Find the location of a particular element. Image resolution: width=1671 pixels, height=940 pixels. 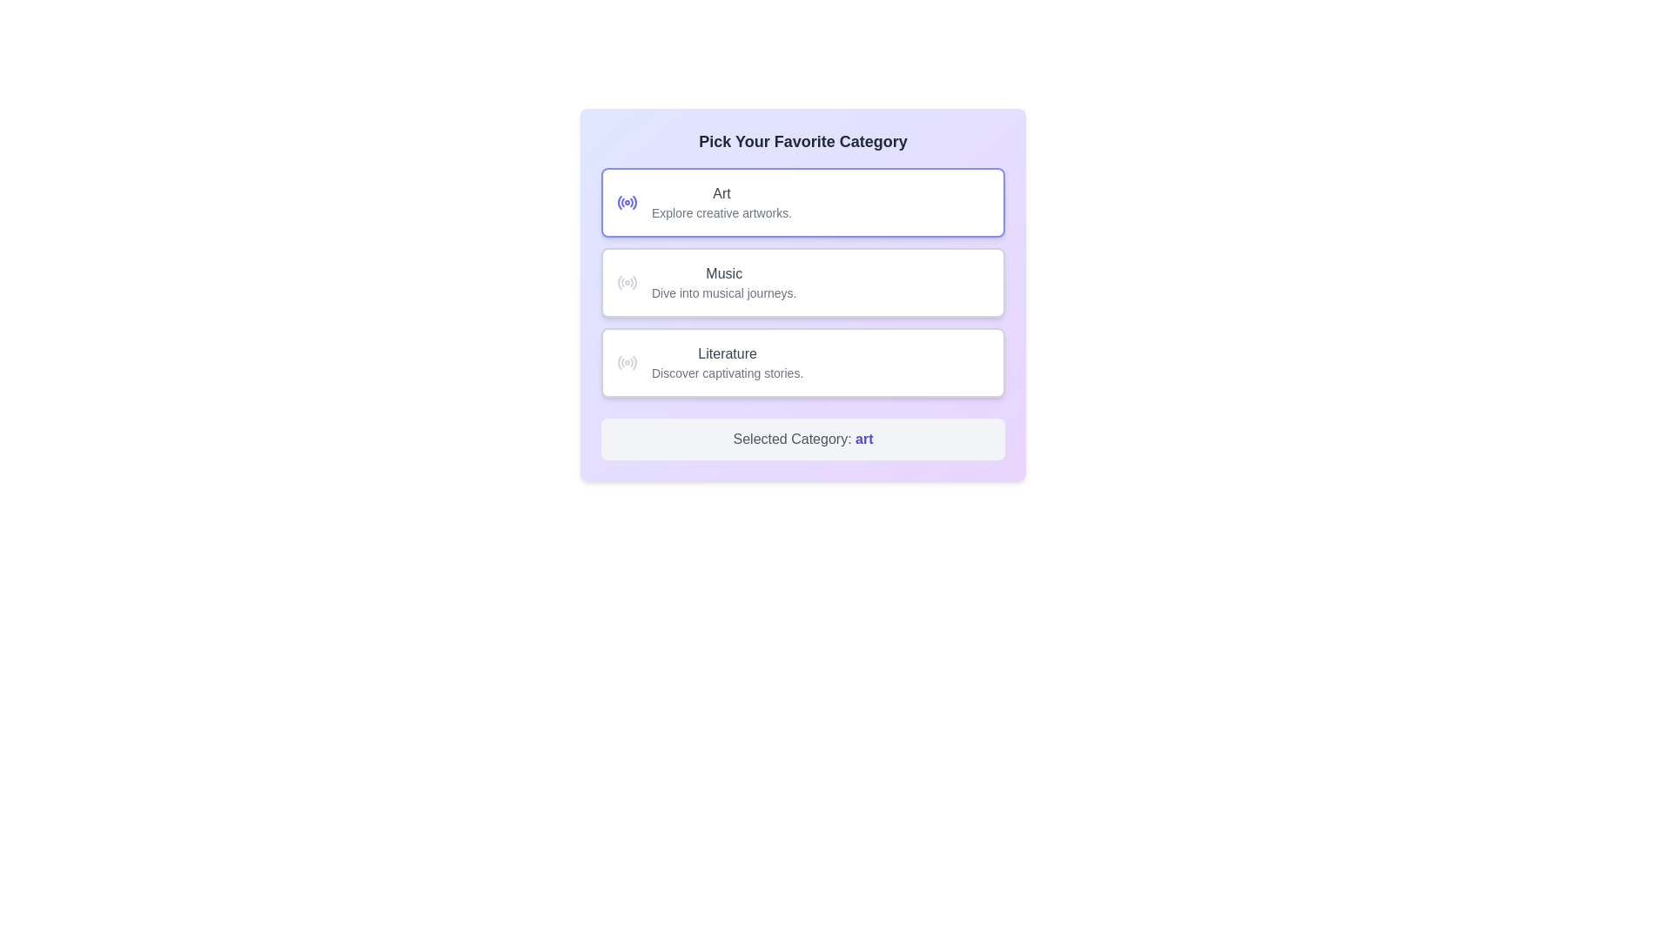

the text label that says 'Explore creative artworks.' positioned below the header 'Art' in the first option of the vertical list of selectable categories is located at coordinates (721, 212).